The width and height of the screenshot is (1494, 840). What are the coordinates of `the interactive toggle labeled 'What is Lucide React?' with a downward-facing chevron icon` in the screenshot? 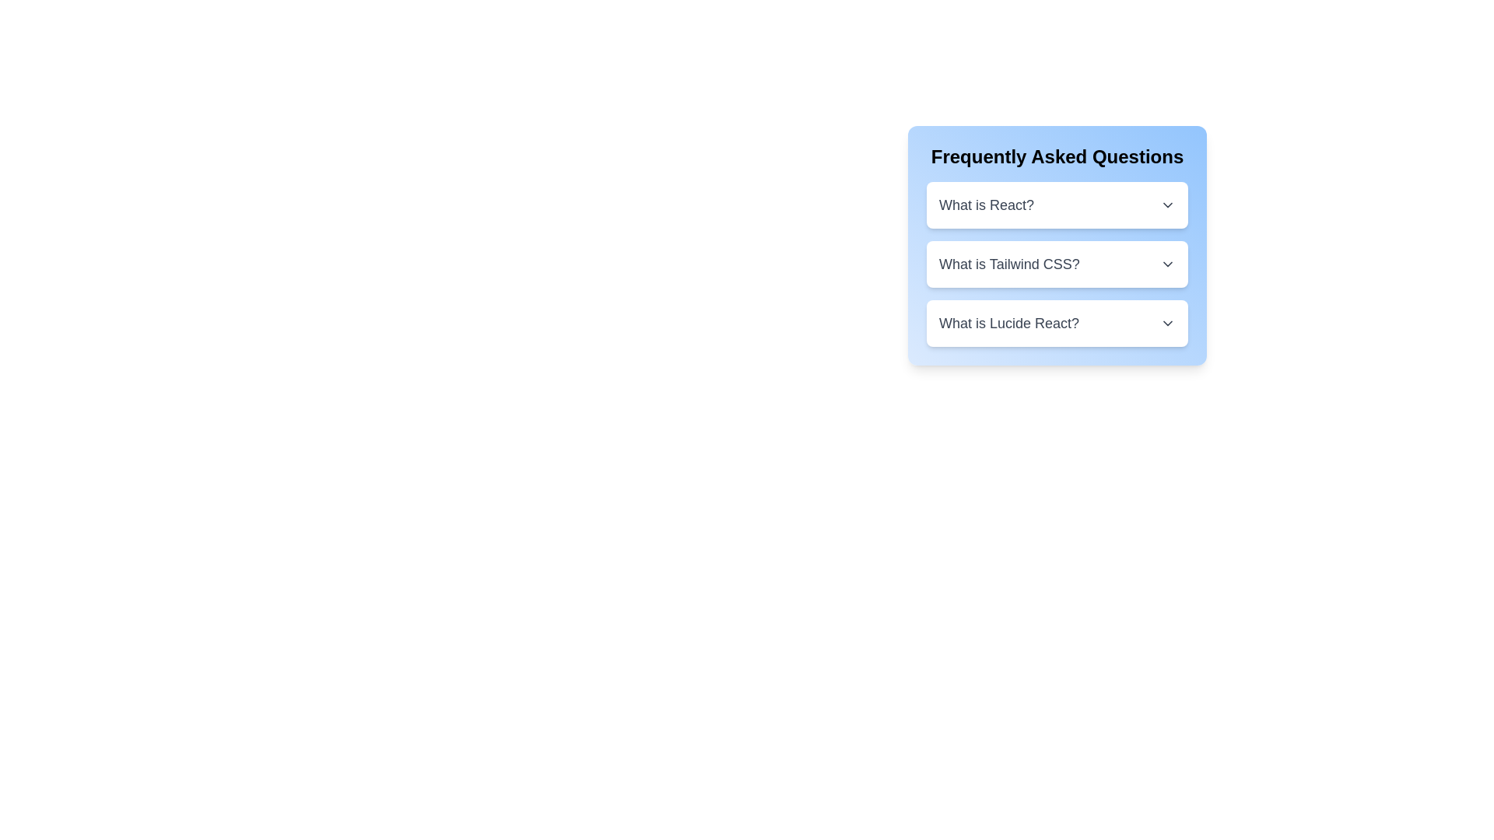 It's located at (1057, 323).